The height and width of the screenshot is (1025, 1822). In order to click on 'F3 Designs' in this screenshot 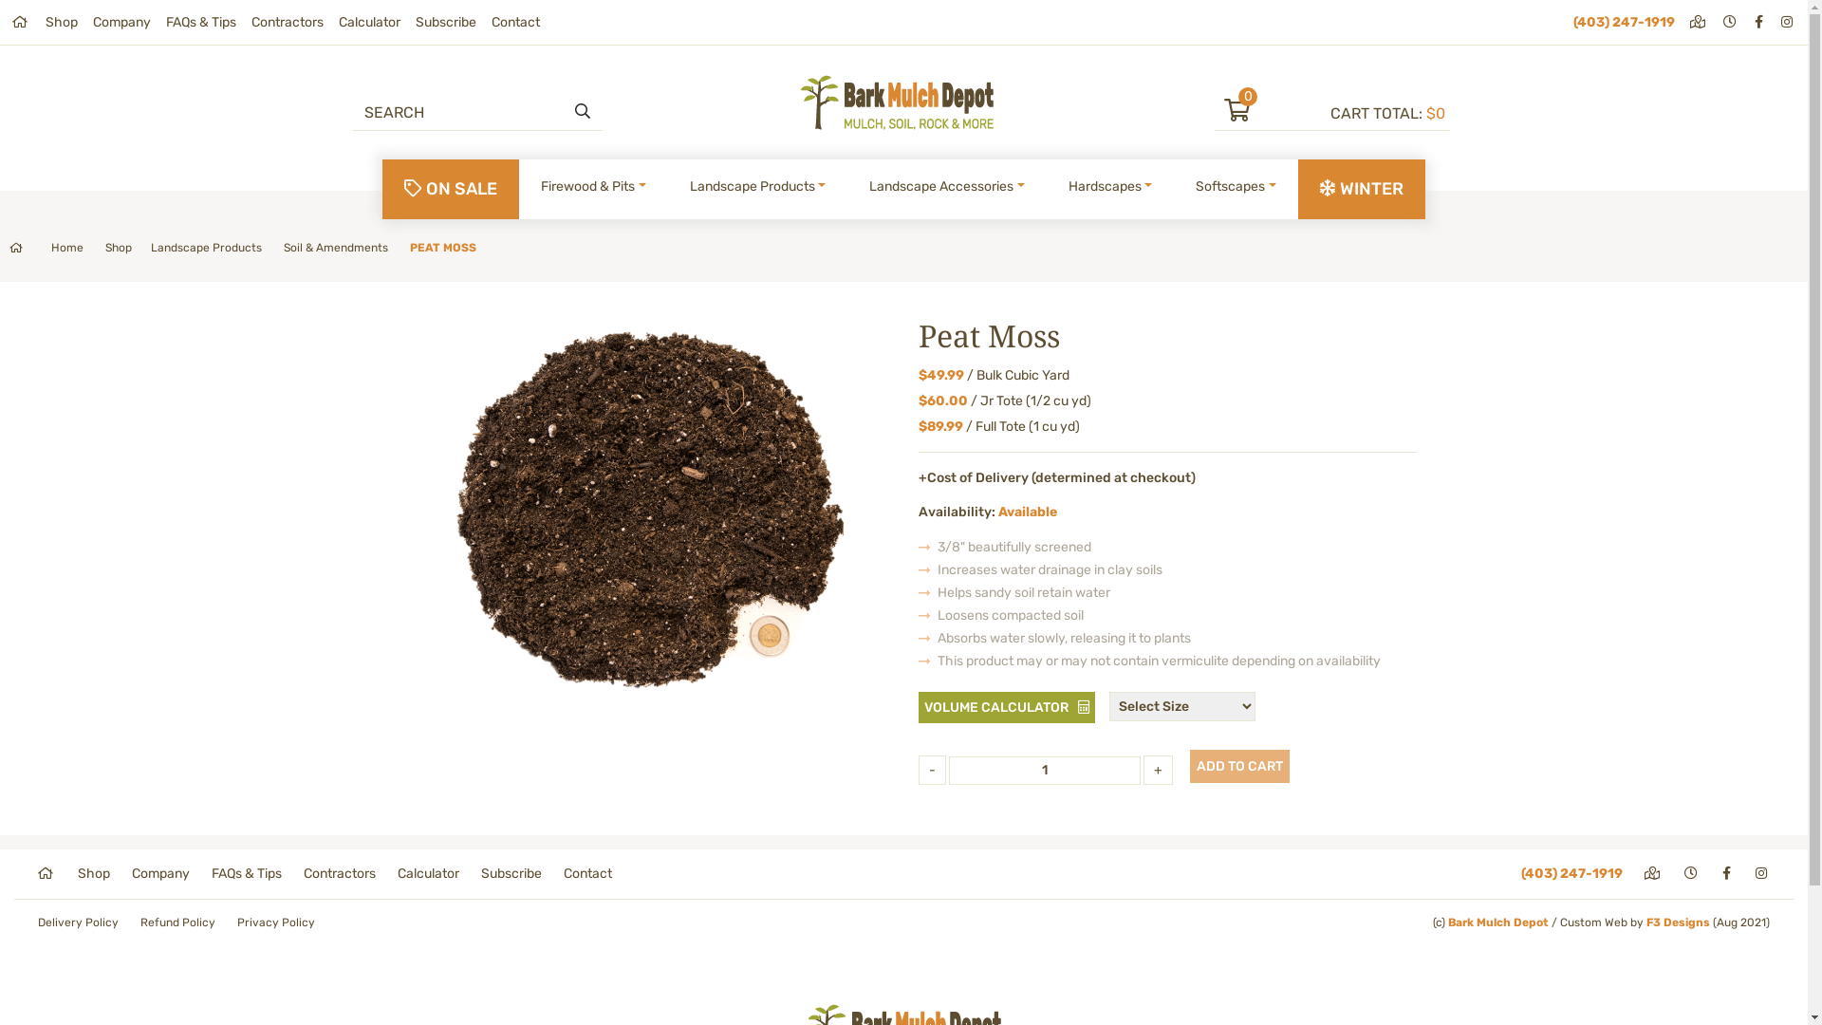, I will do `click(1678, 922)`.